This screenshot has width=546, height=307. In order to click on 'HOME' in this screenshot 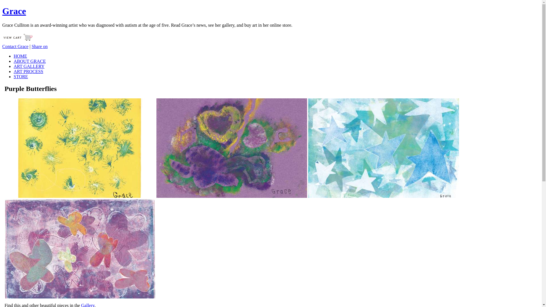, I will do `click(20, 56)`.